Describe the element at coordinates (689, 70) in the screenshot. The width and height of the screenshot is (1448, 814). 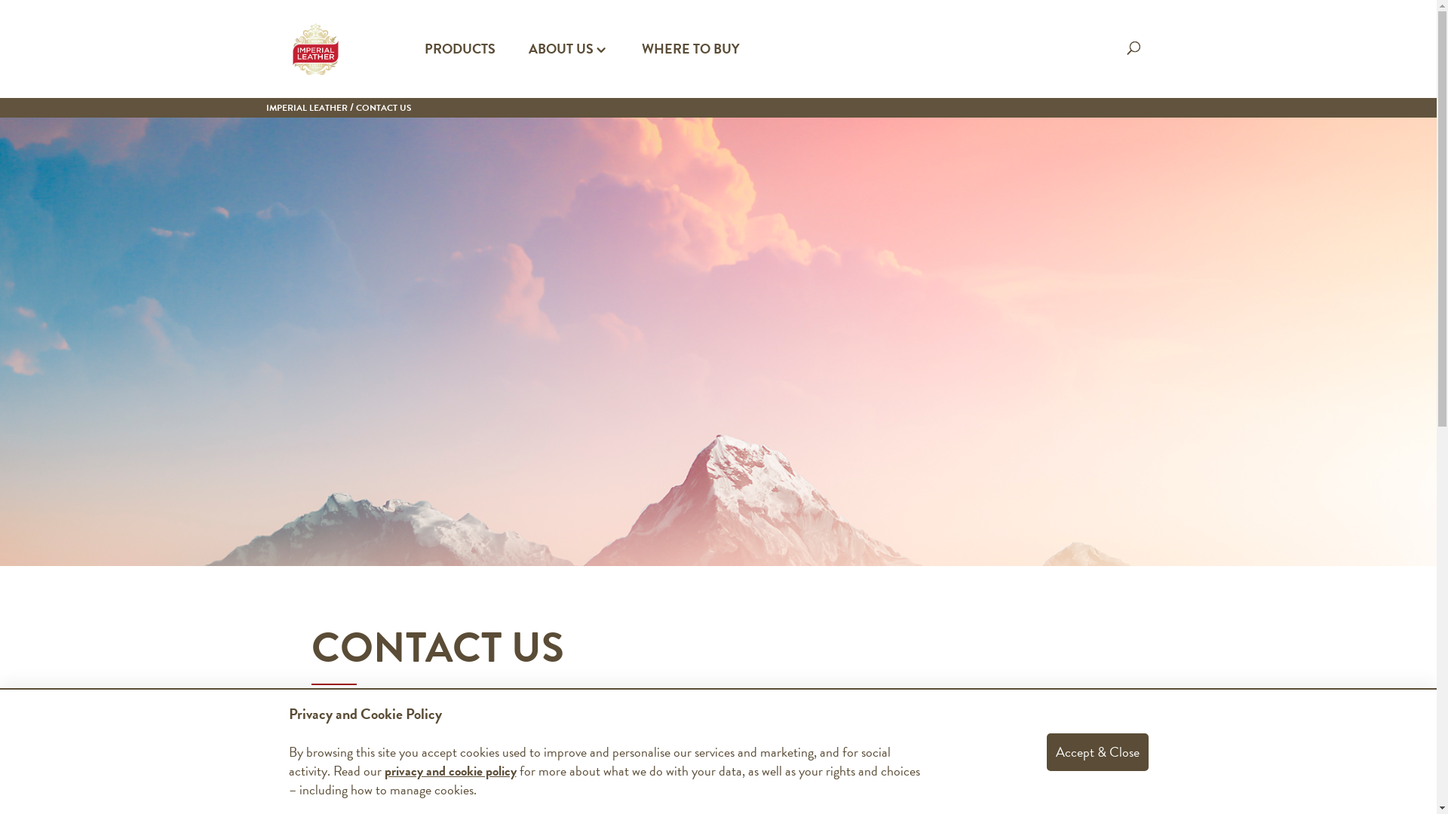
I see `'WHERE TO BUY'` at that location.